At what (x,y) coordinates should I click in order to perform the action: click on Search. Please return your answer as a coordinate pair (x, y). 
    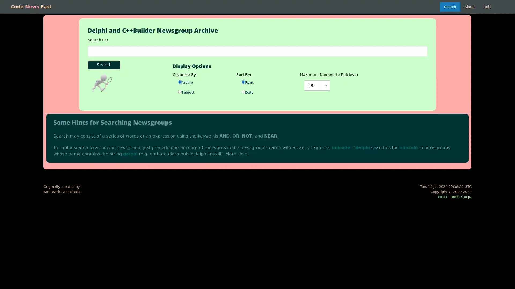
    Looking at the image, I should click on (104, 64).